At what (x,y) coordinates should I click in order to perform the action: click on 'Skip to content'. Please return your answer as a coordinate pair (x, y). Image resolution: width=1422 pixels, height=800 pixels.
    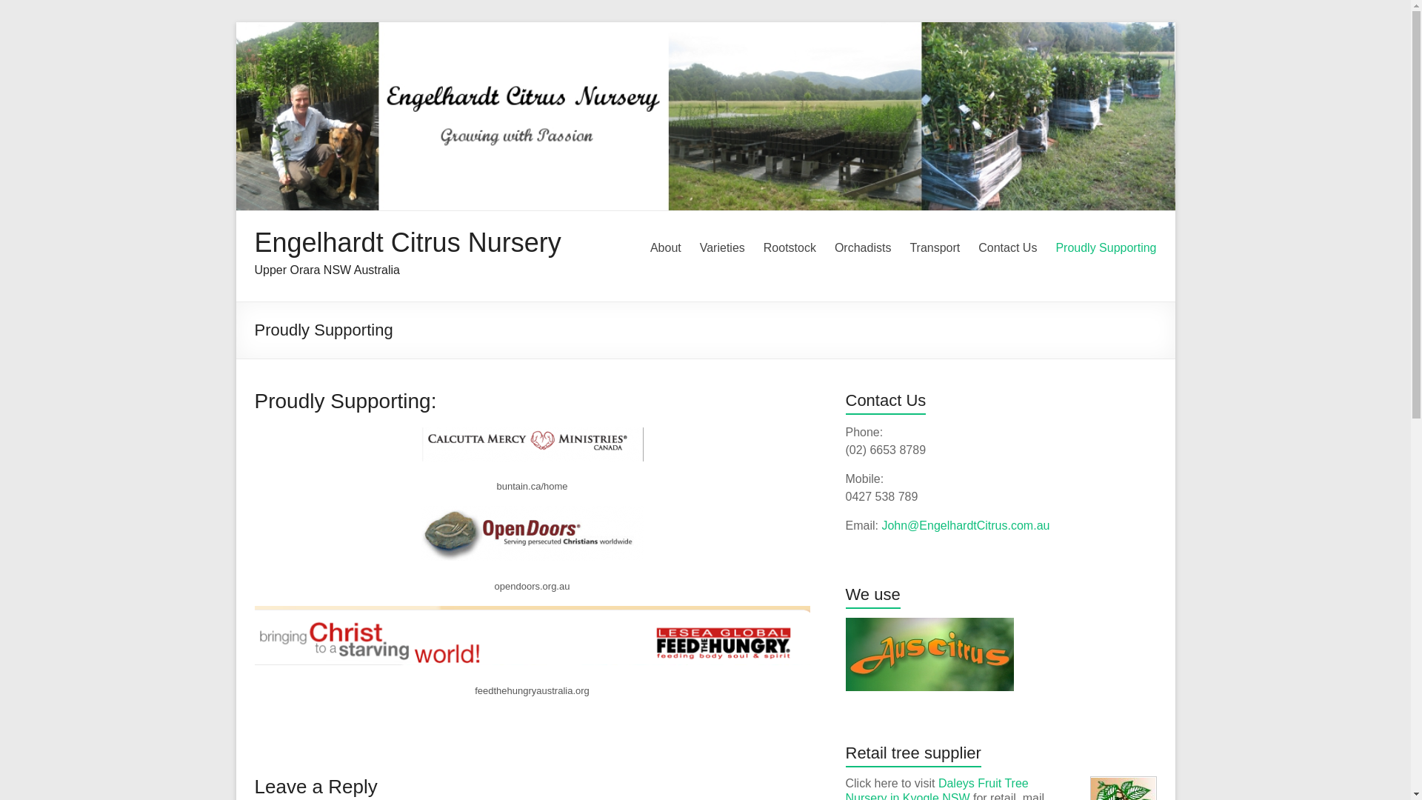
    Looking at the image, I should click on (234, 21).